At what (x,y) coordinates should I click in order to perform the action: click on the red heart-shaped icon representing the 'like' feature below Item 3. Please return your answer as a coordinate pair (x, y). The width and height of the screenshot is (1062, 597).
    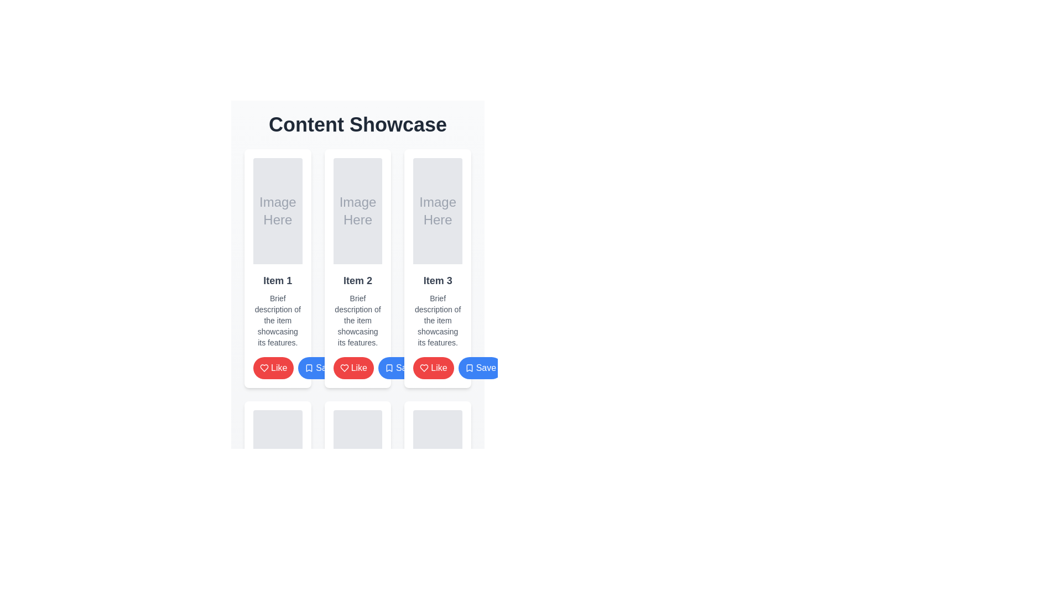
    Looking at the image, I should click on (343, 368).